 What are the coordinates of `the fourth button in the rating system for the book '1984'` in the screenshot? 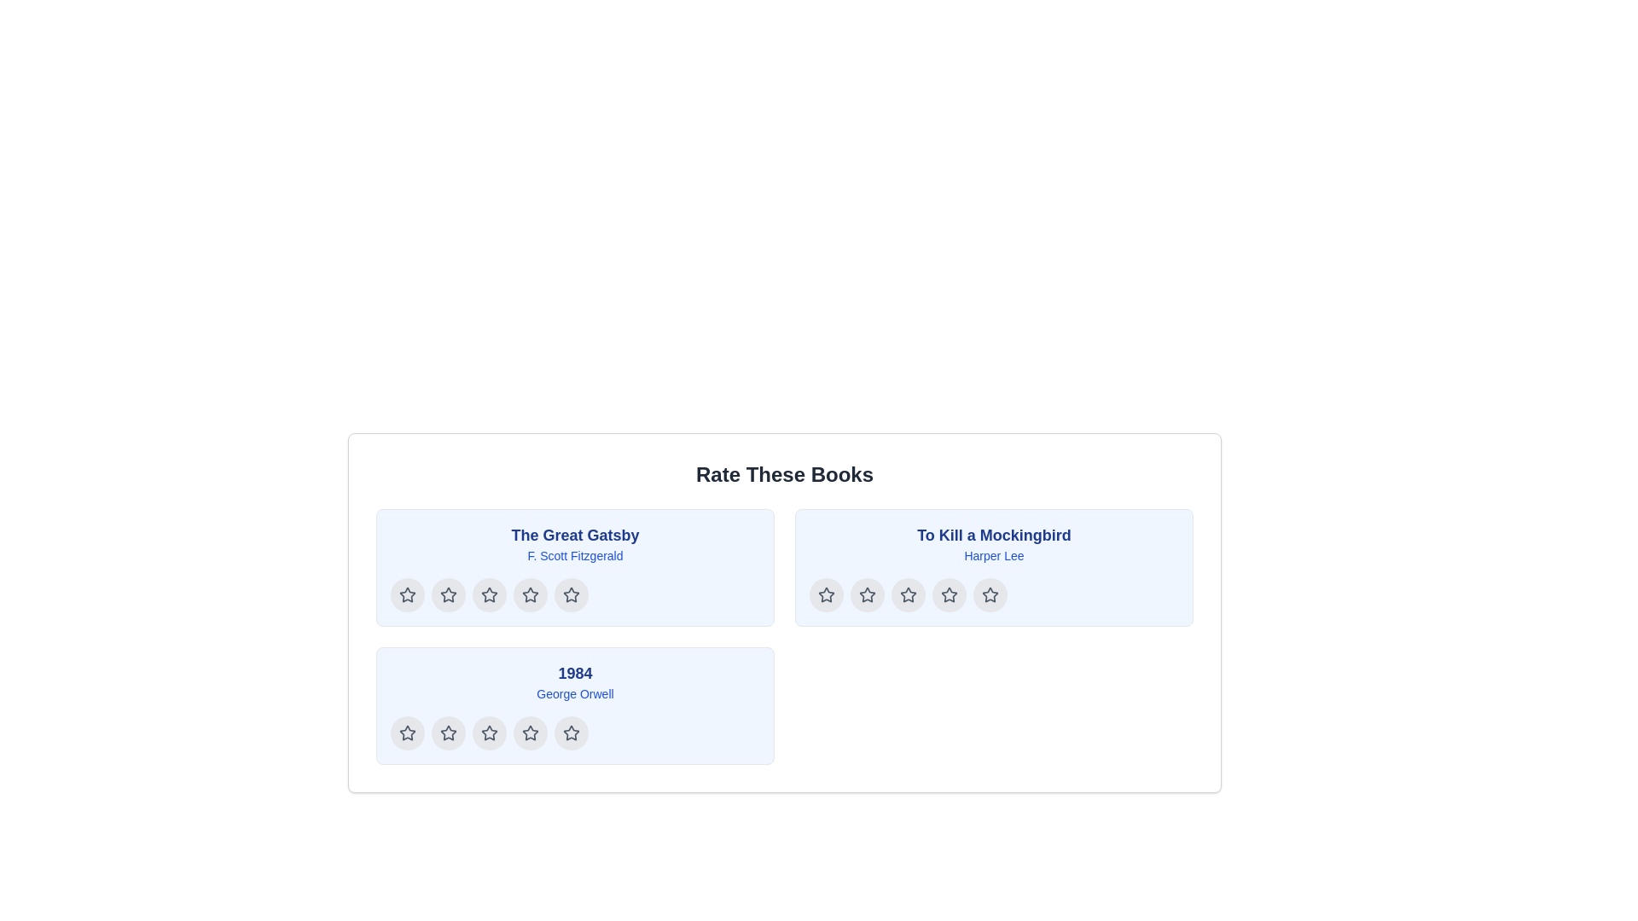 It's located at (530, 733).